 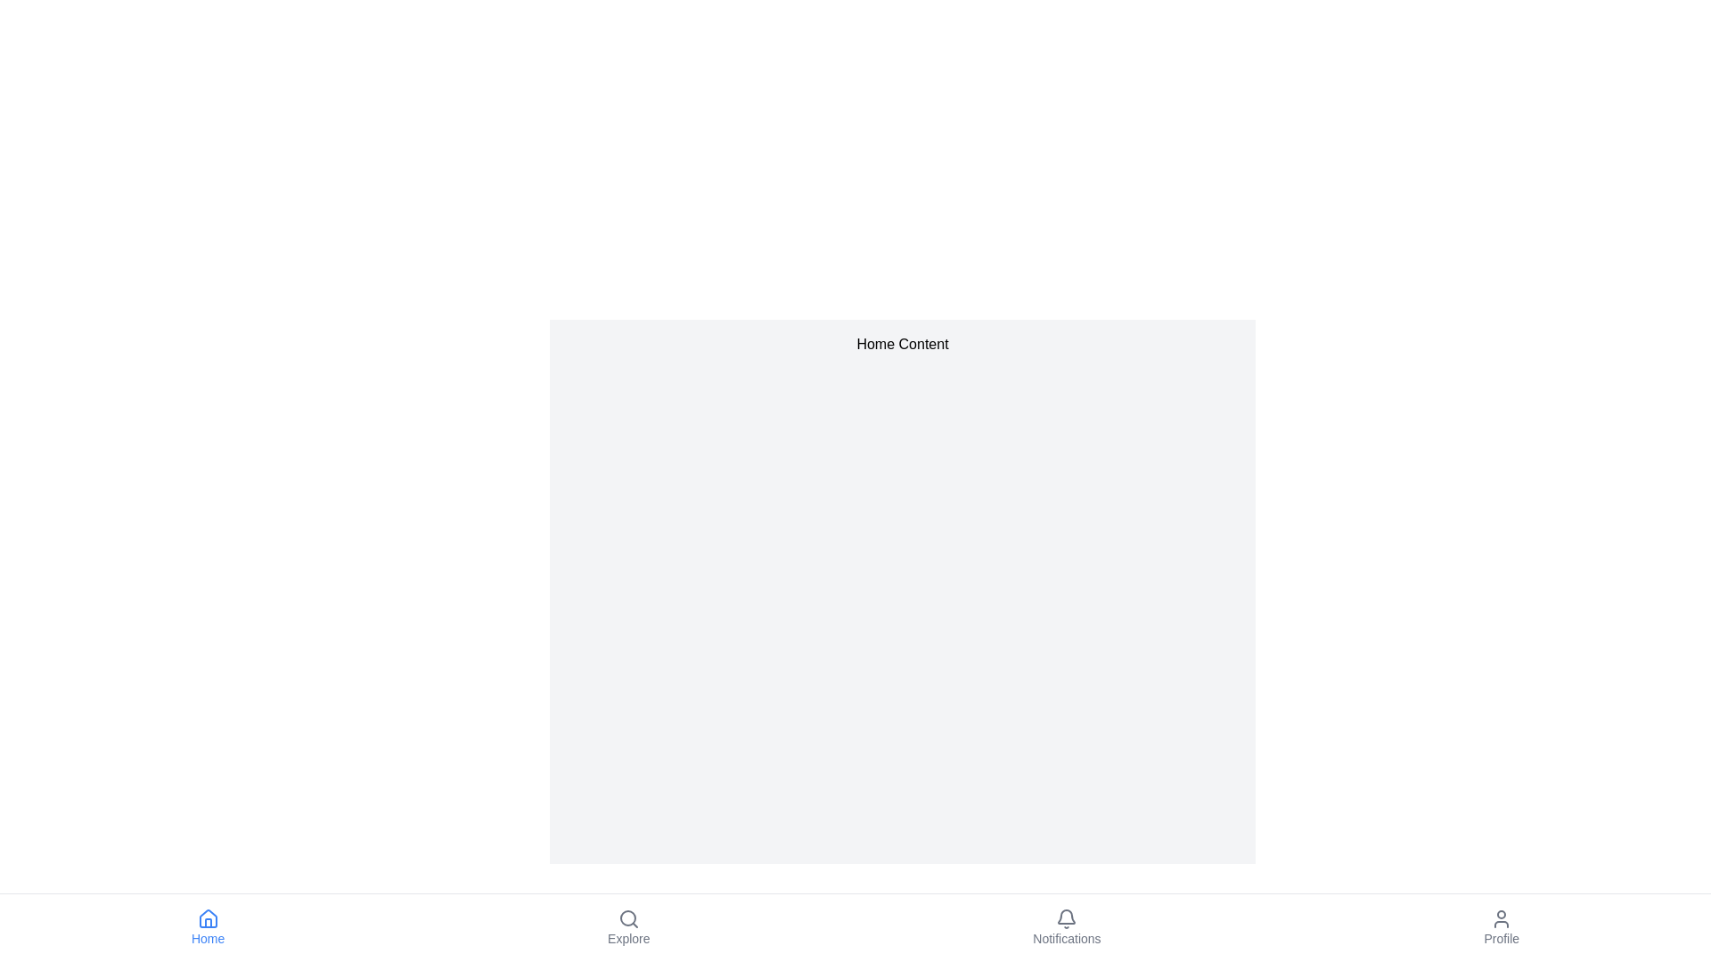 I want to click on the central circular graphical element of the magnifying glass icon located in the 'Explore' section by clicking on it, so click(x=627, y=917).